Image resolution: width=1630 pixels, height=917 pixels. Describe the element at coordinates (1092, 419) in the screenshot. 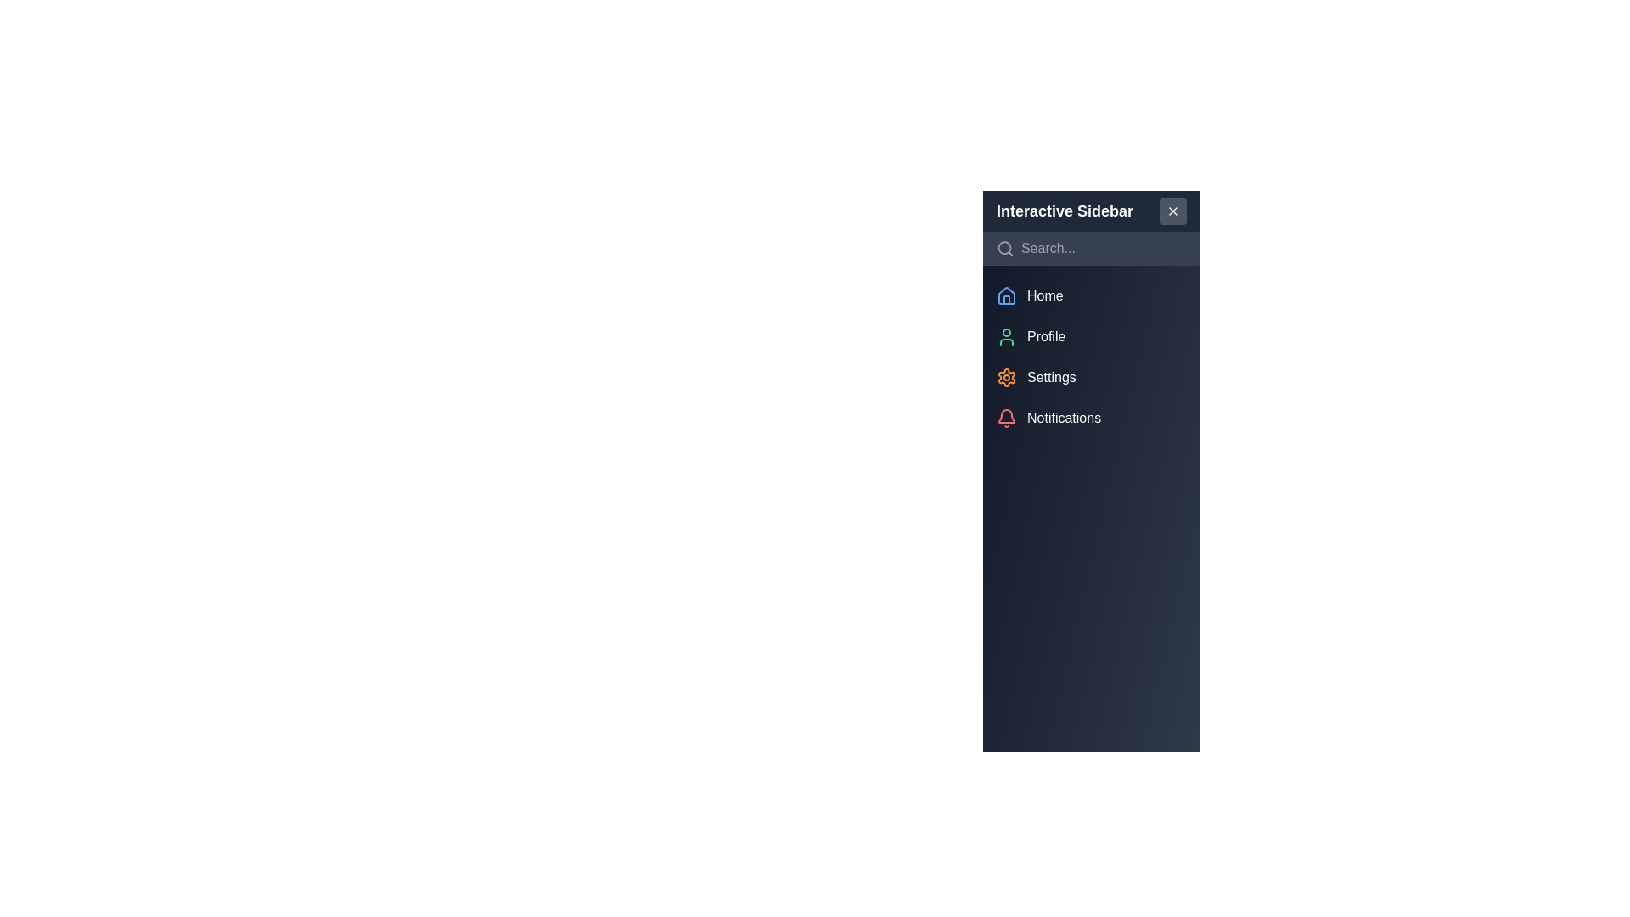

I see `the fourth navigation link in the vertical sidebar that contains a bell icon and the text 'Notifications'` at that location.